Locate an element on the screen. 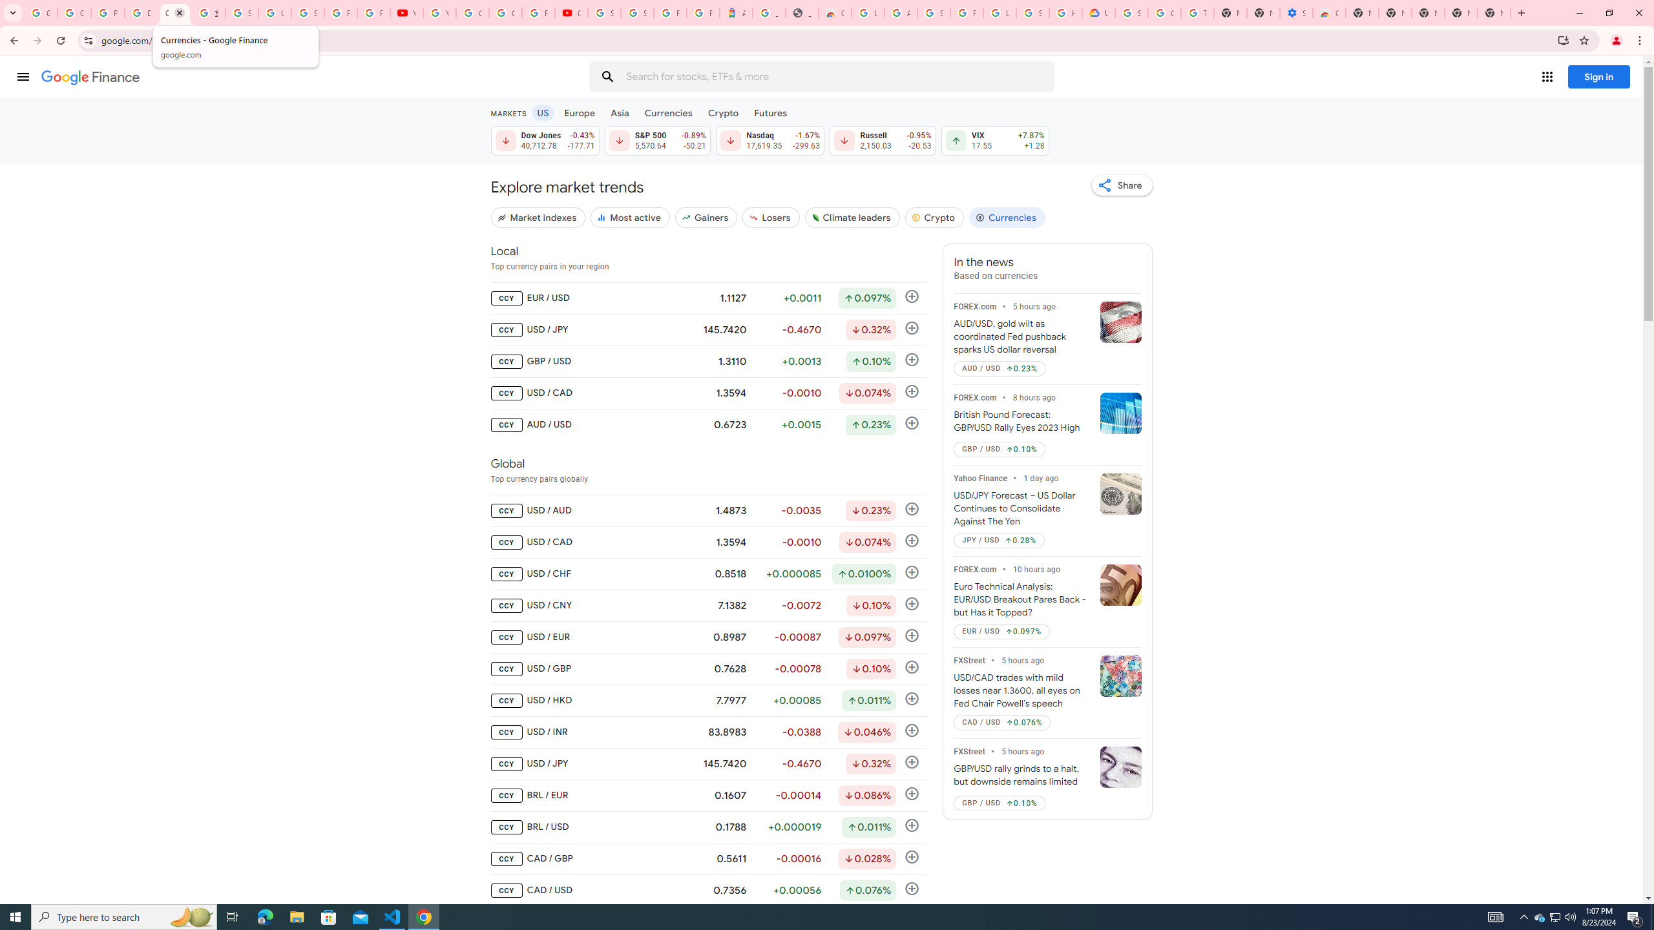 This screenshot has height=930, width=1654. 'Finance' is located at coordinates (90, 77).